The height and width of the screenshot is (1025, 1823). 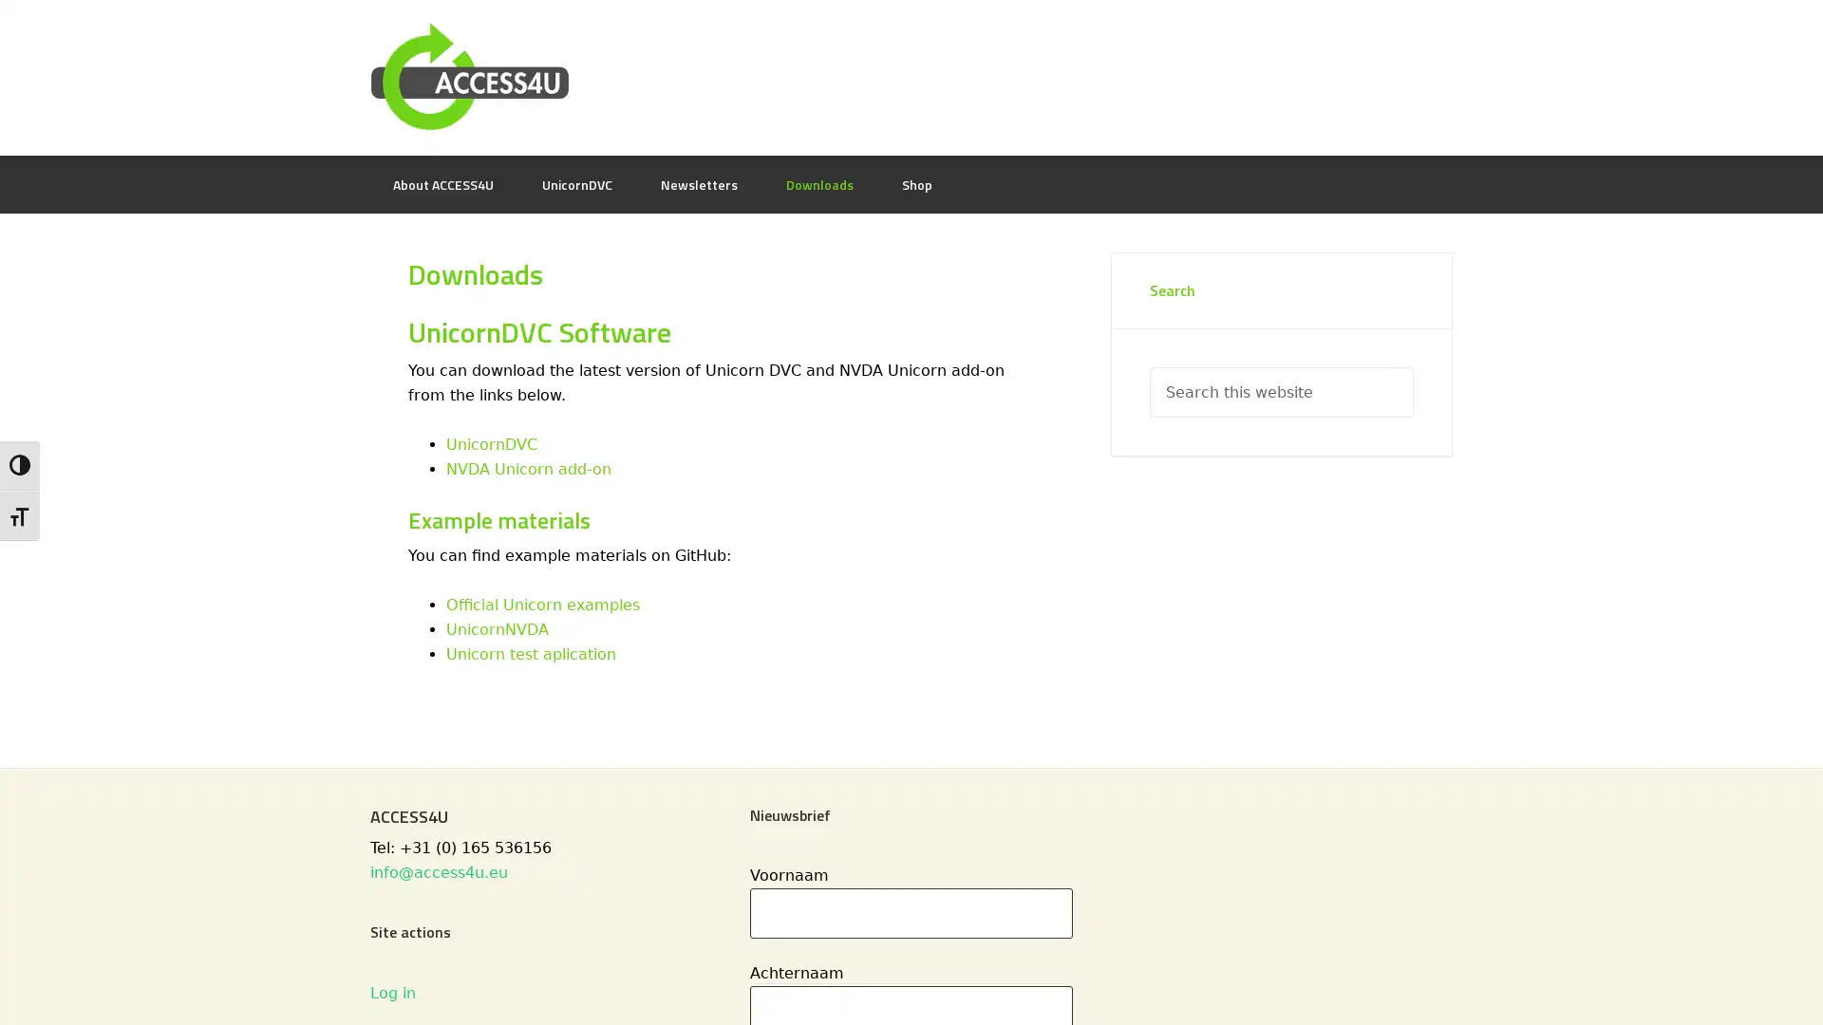 What do you see at coordinates (1413, 366) in the screenshot?
I see `Search` at bounding box center [1413, 366].